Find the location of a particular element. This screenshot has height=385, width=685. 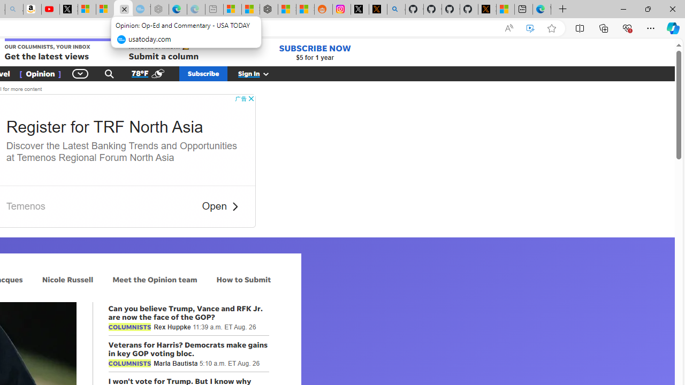

'help.x.com | 524: A timeout occurred' is located at coordinates (378, 9).